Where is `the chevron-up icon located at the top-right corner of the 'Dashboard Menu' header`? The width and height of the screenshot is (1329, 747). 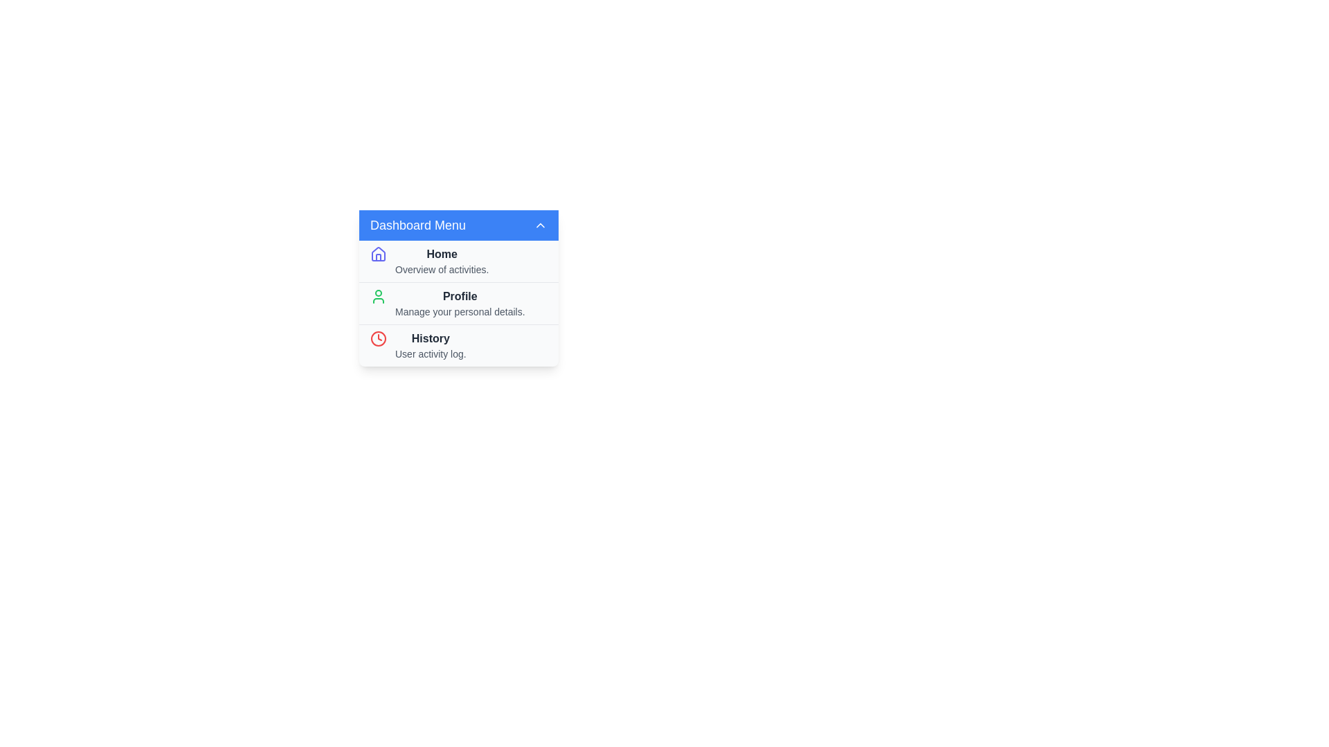
the chevron-up icon located at the top-right corner of the 'Dashboard Menu' header is located at coordinates (540, 225).